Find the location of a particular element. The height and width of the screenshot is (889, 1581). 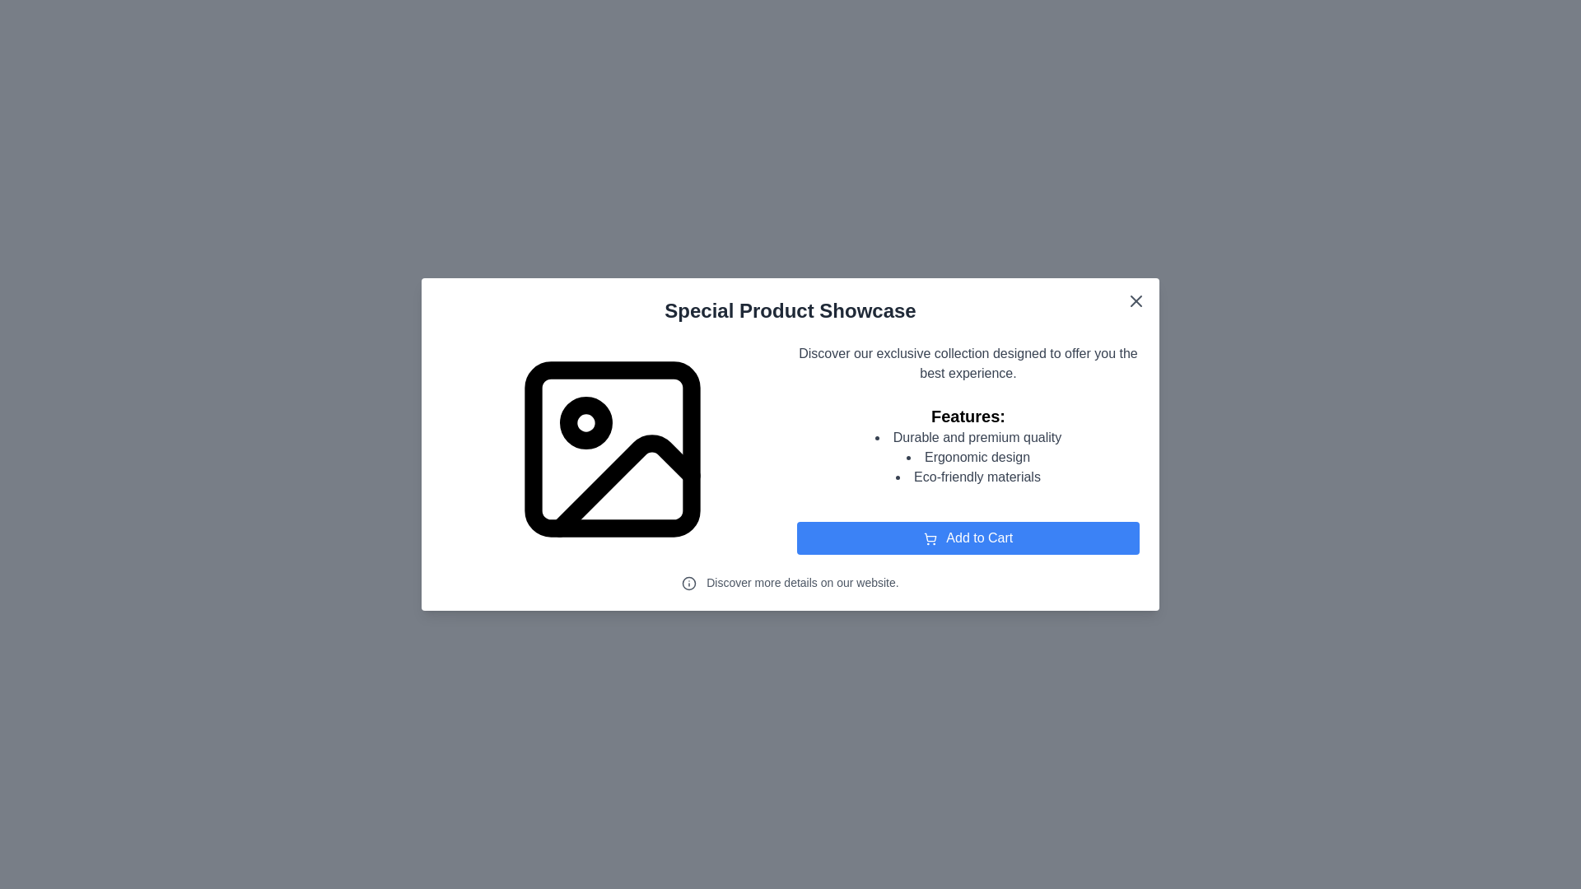

the third list item in the 'Features:' section, which describes the eco-friendly materials feature of the product, positioned in a centered modal window is located at coordinates (968, 476).